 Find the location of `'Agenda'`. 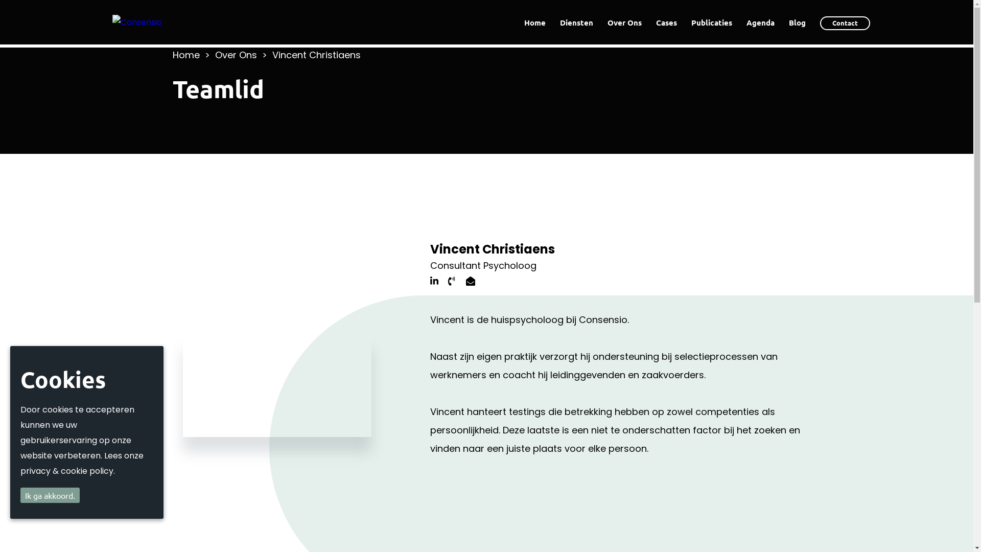

'Agenda' is located at coordinates (760, 21).